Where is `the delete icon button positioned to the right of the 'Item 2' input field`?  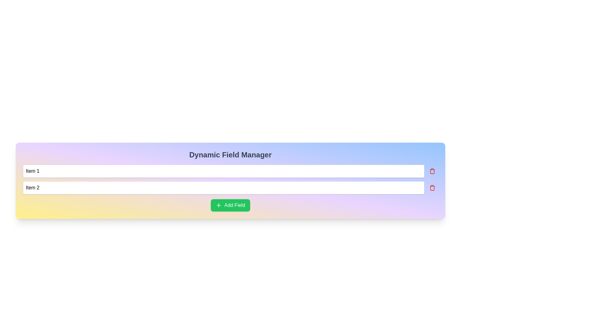
the delete icon button positioned to the right of the 'Item 2' input field is located at coordinates (432, 187).